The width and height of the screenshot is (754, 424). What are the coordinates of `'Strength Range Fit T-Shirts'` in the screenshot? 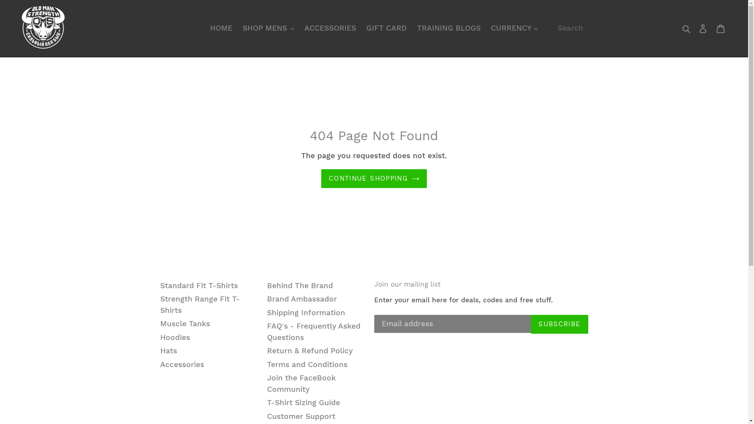 It's located at (200, 304).